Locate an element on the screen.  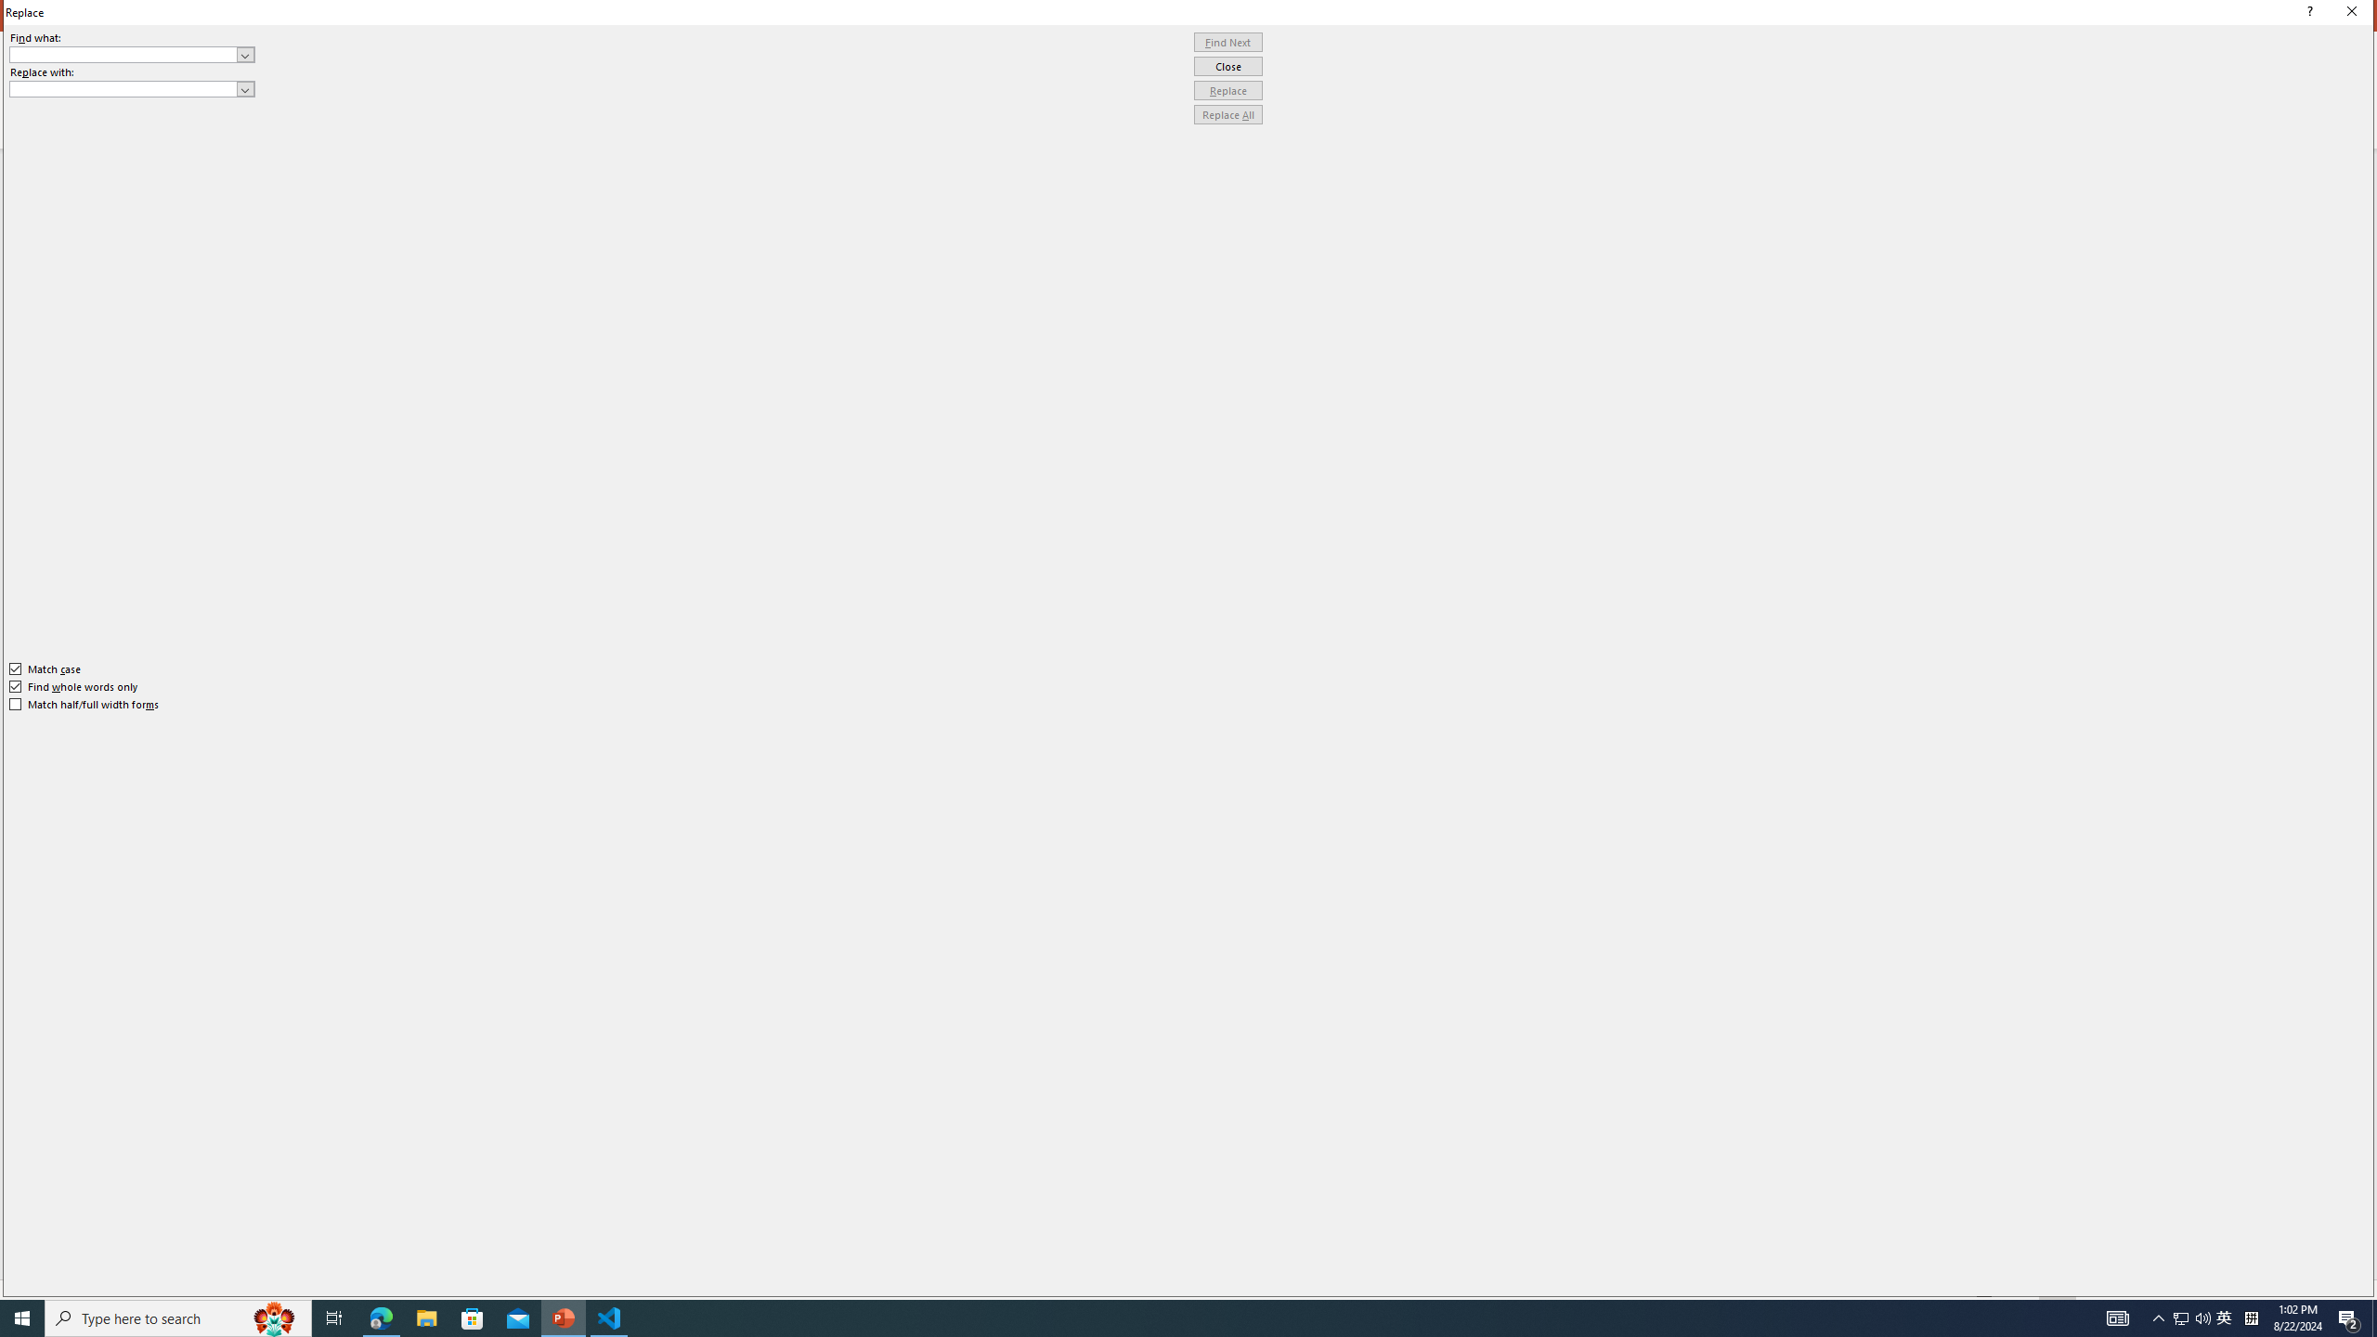
'Find what' is located at coordinates (132, 54).